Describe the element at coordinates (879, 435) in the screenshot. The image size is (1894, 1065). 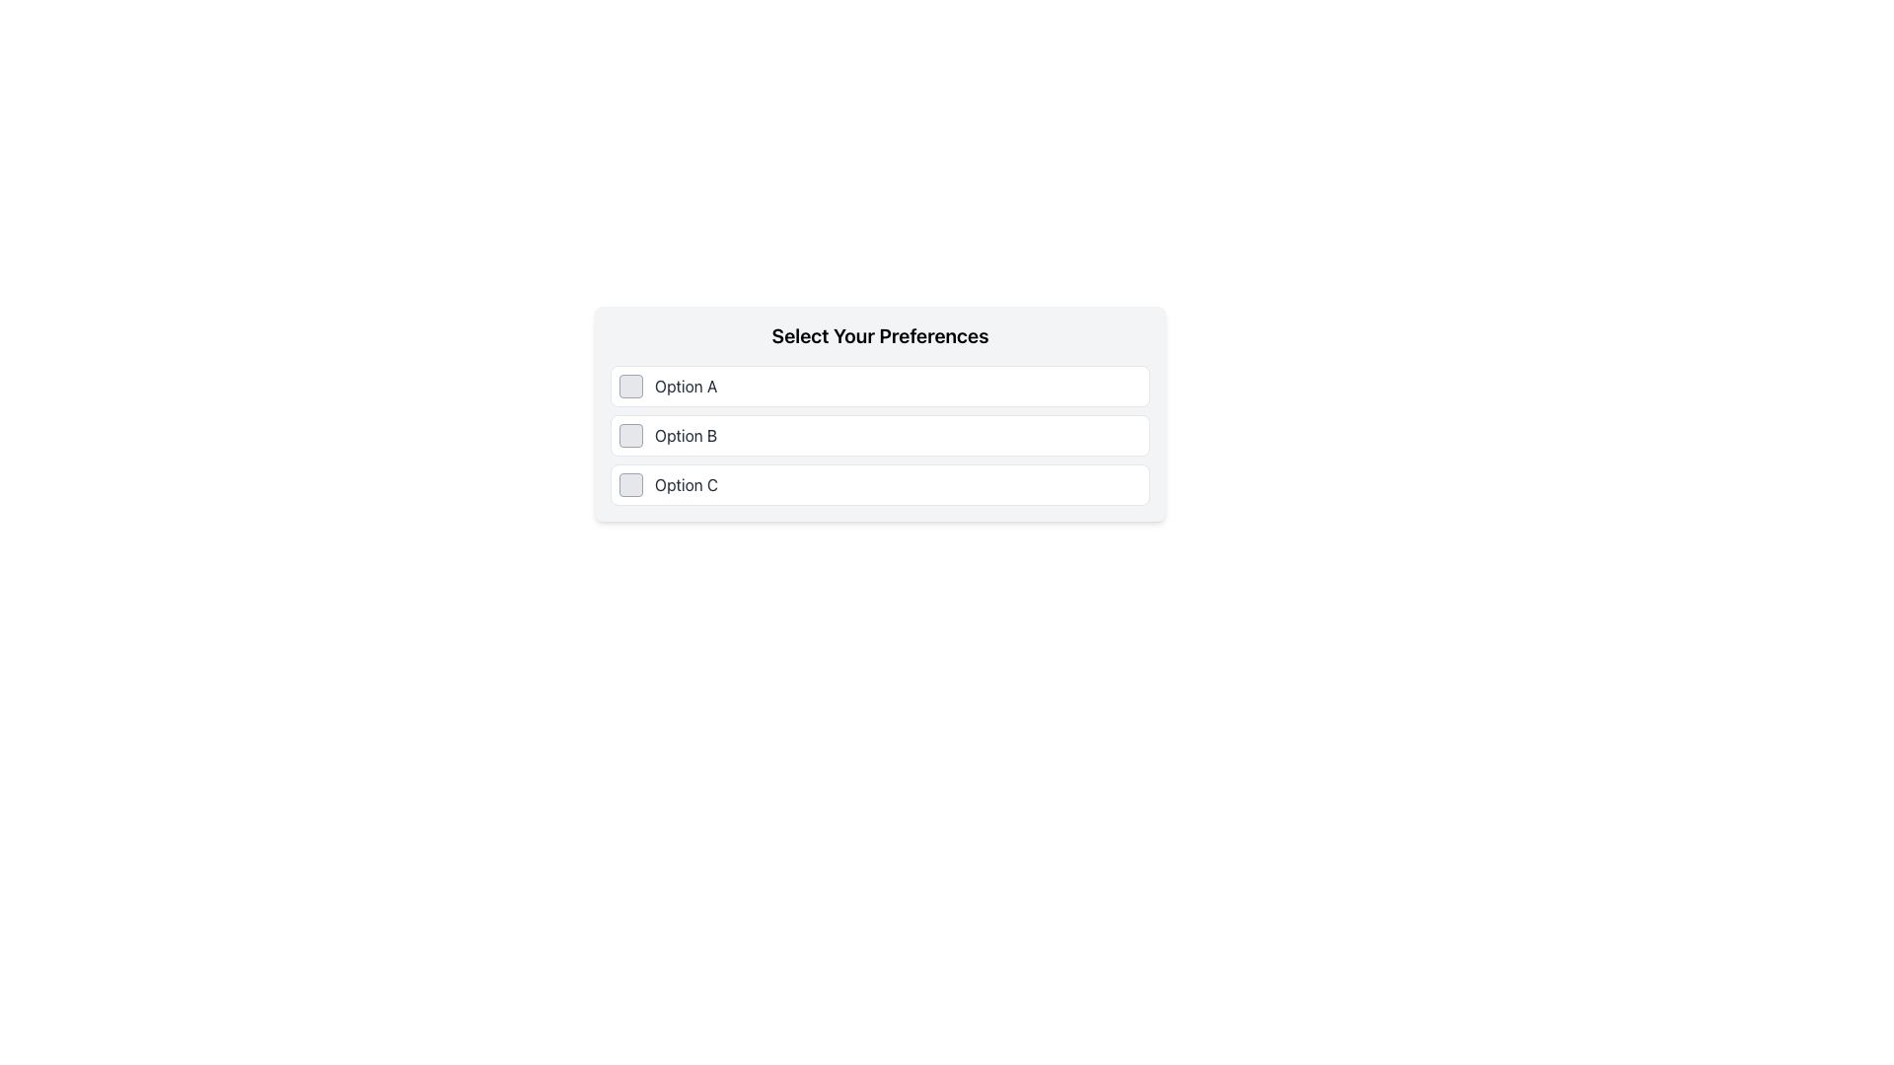
I see `the selectable list item with a checkbox labeled 'Option B'` at that location.